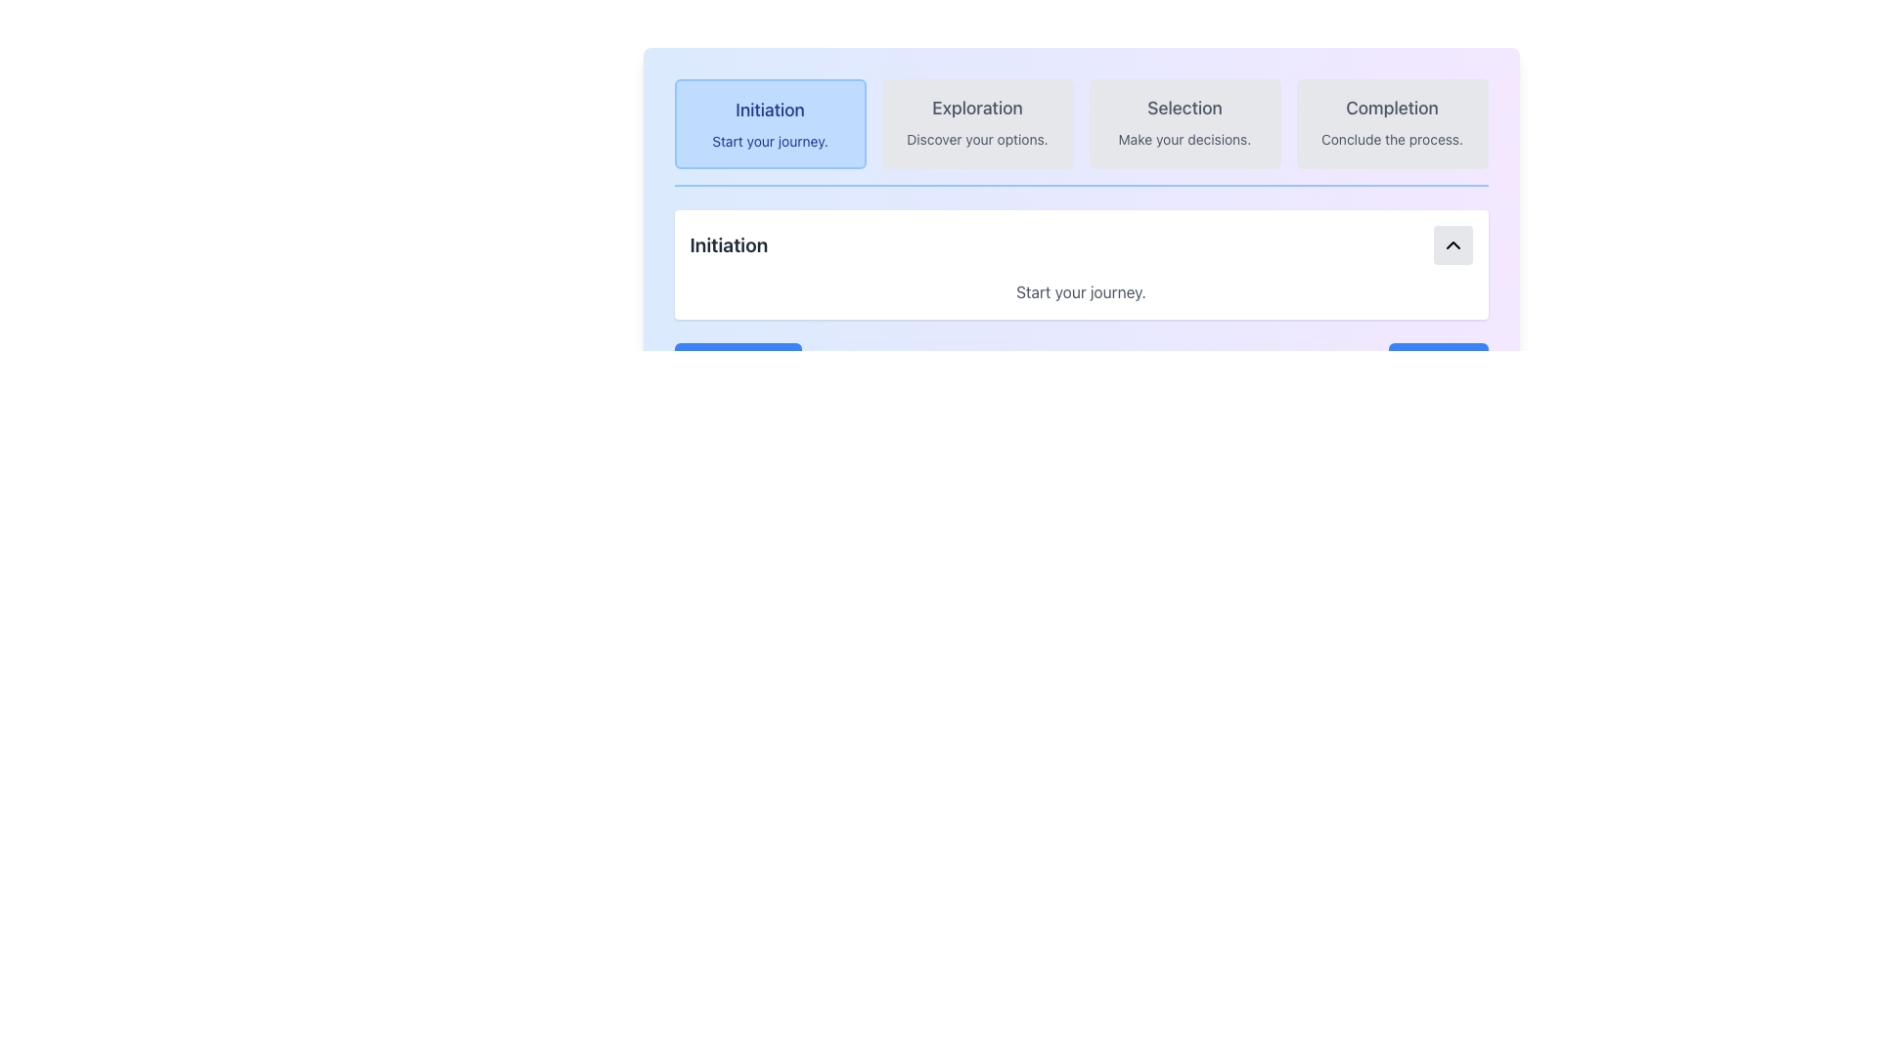 This screenshot has width=1878, height=1056. Describe the element at coordinates (769, 110) in the screenshot. I see `main title text located at the top-left corner of the rounded rectangular button that represents the initiation phase of a process` at that location.